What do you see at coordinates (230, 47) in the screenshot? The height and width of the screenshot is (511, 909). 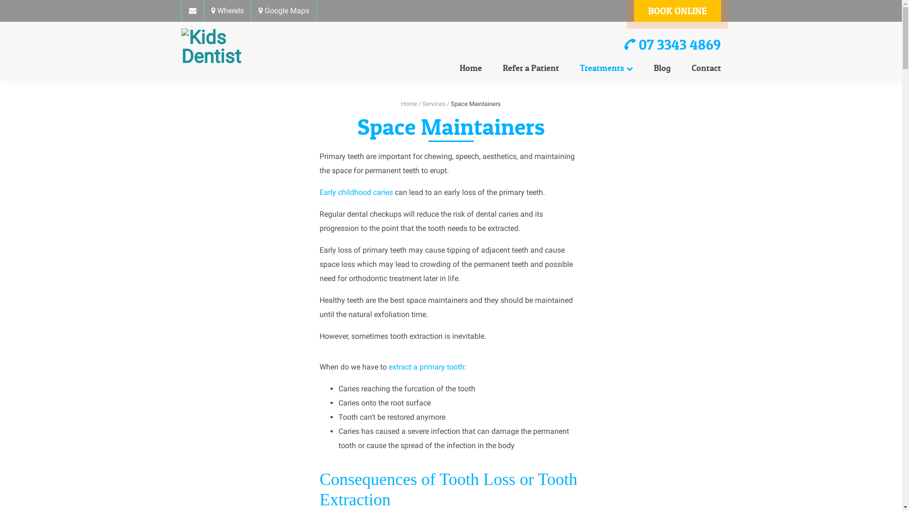 I see `'Kids Dentist'` at bounding box center [230, 47].